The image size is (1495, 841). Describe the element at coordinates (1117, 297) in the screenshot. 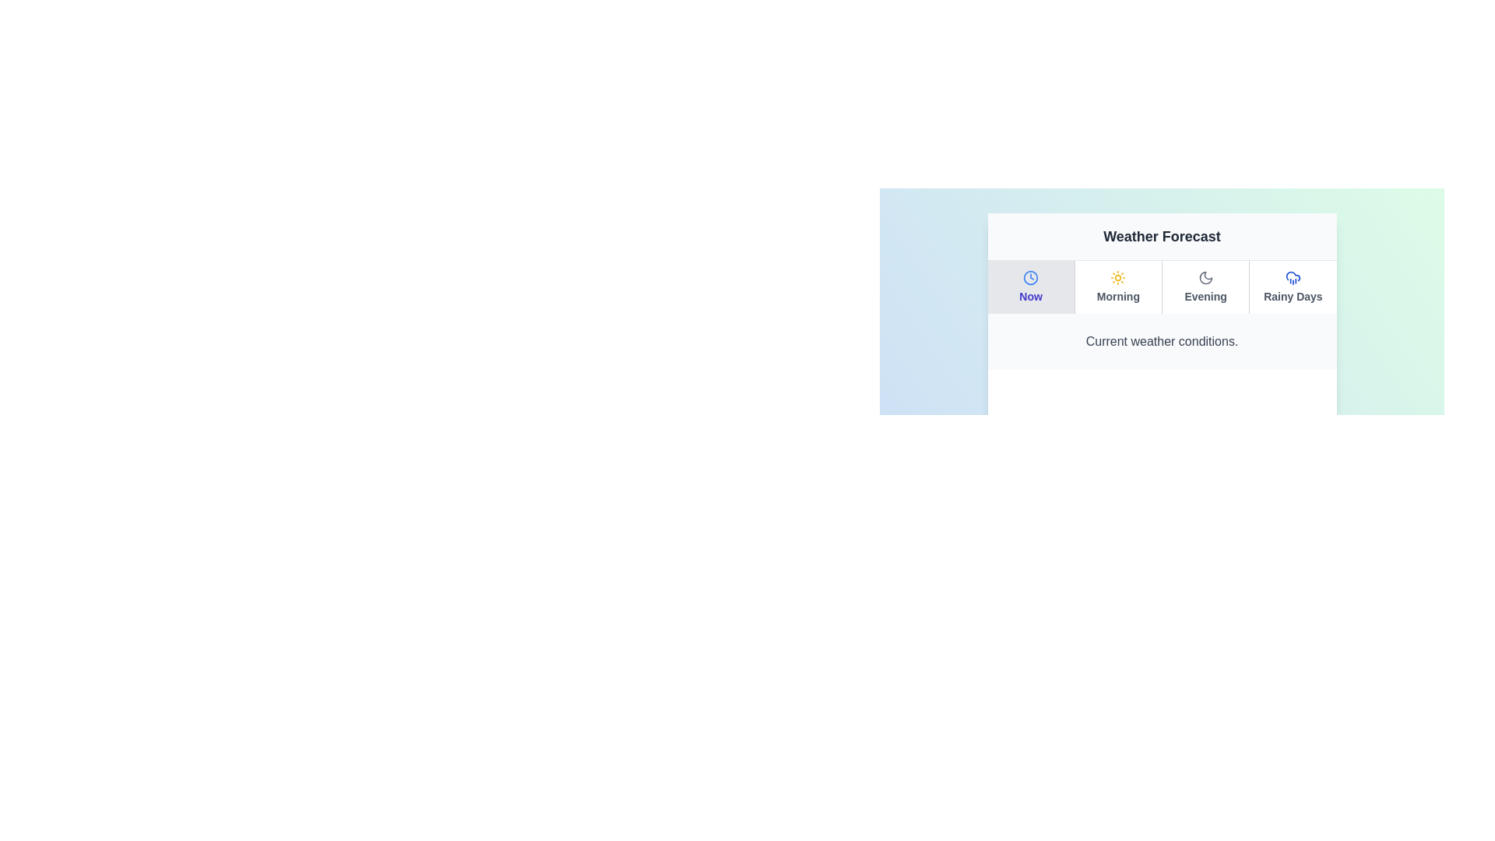

I see `the 'Morning' button in the weather forecast section` at that location.